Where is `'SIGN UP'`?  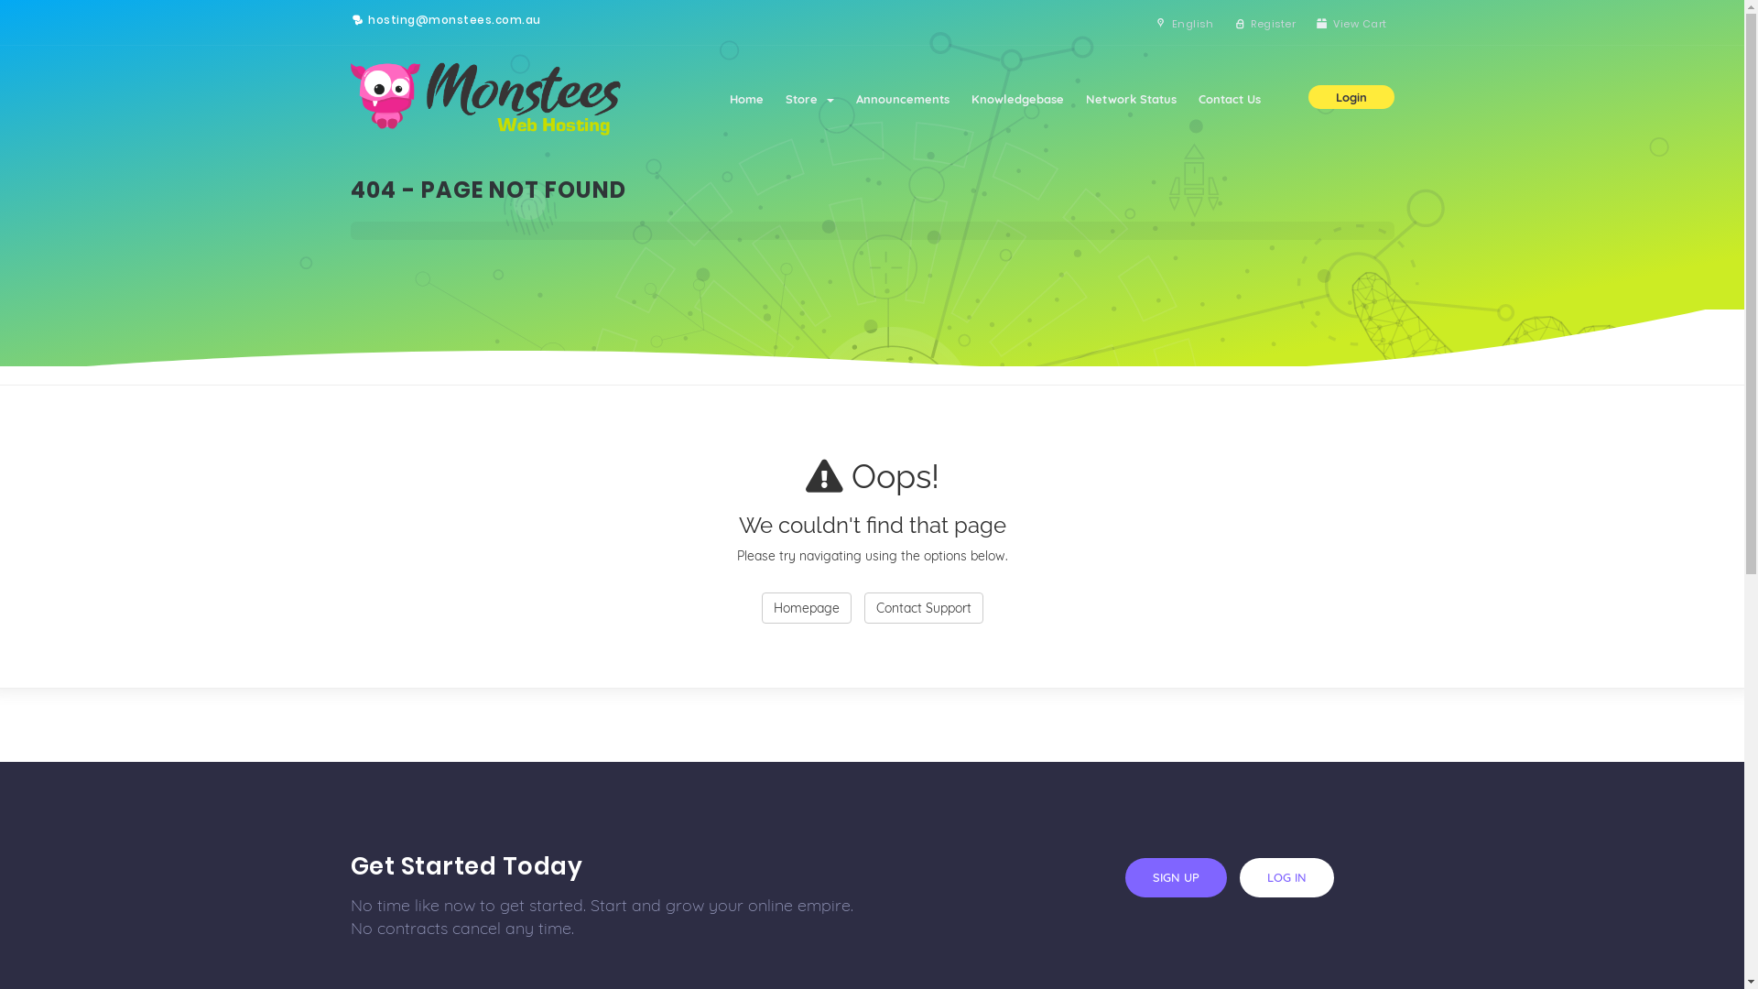
'SIGN UP' is located at coordinates (1175, 876).